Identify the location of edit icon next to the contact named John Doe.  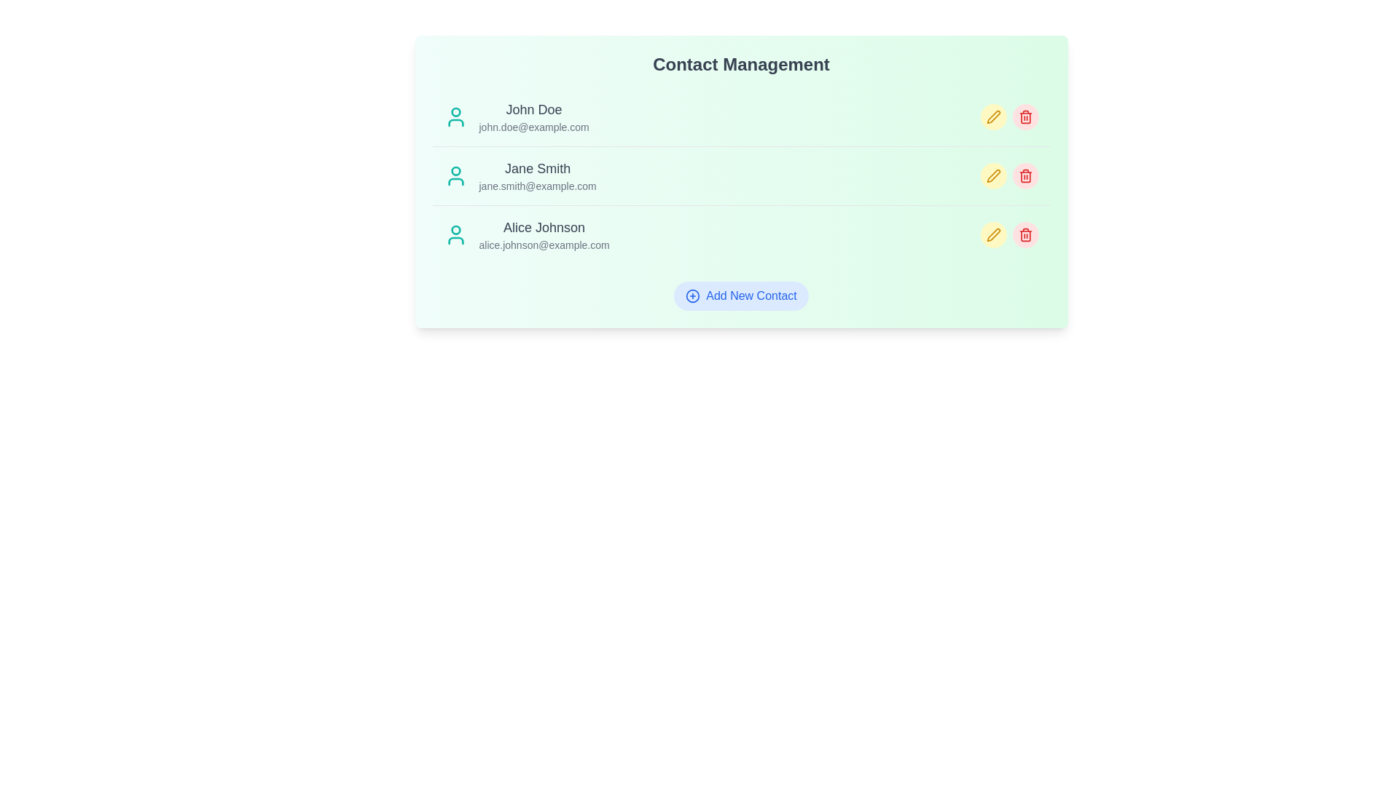
(992, 116).